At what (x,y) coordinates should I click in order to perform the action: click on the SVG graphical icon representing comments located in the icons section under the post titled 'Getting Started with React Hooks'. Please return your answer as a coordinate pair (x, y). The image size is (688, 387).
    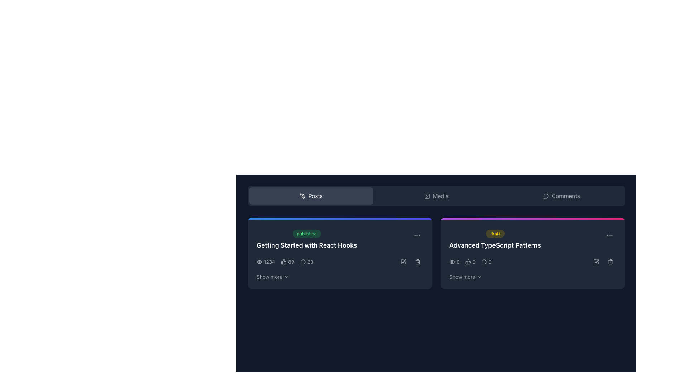
    Looking at the image, I should click on (303, 262).